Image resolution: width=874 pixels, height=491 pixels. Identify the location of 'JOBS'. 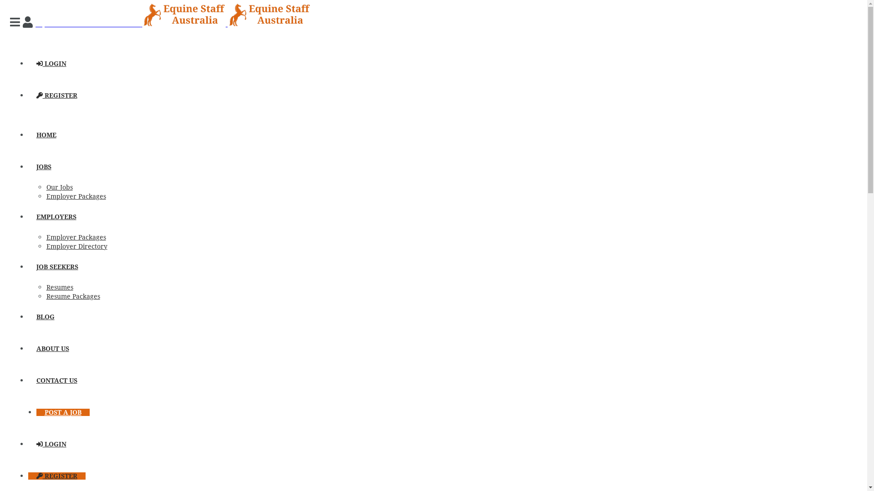
(43, 166).